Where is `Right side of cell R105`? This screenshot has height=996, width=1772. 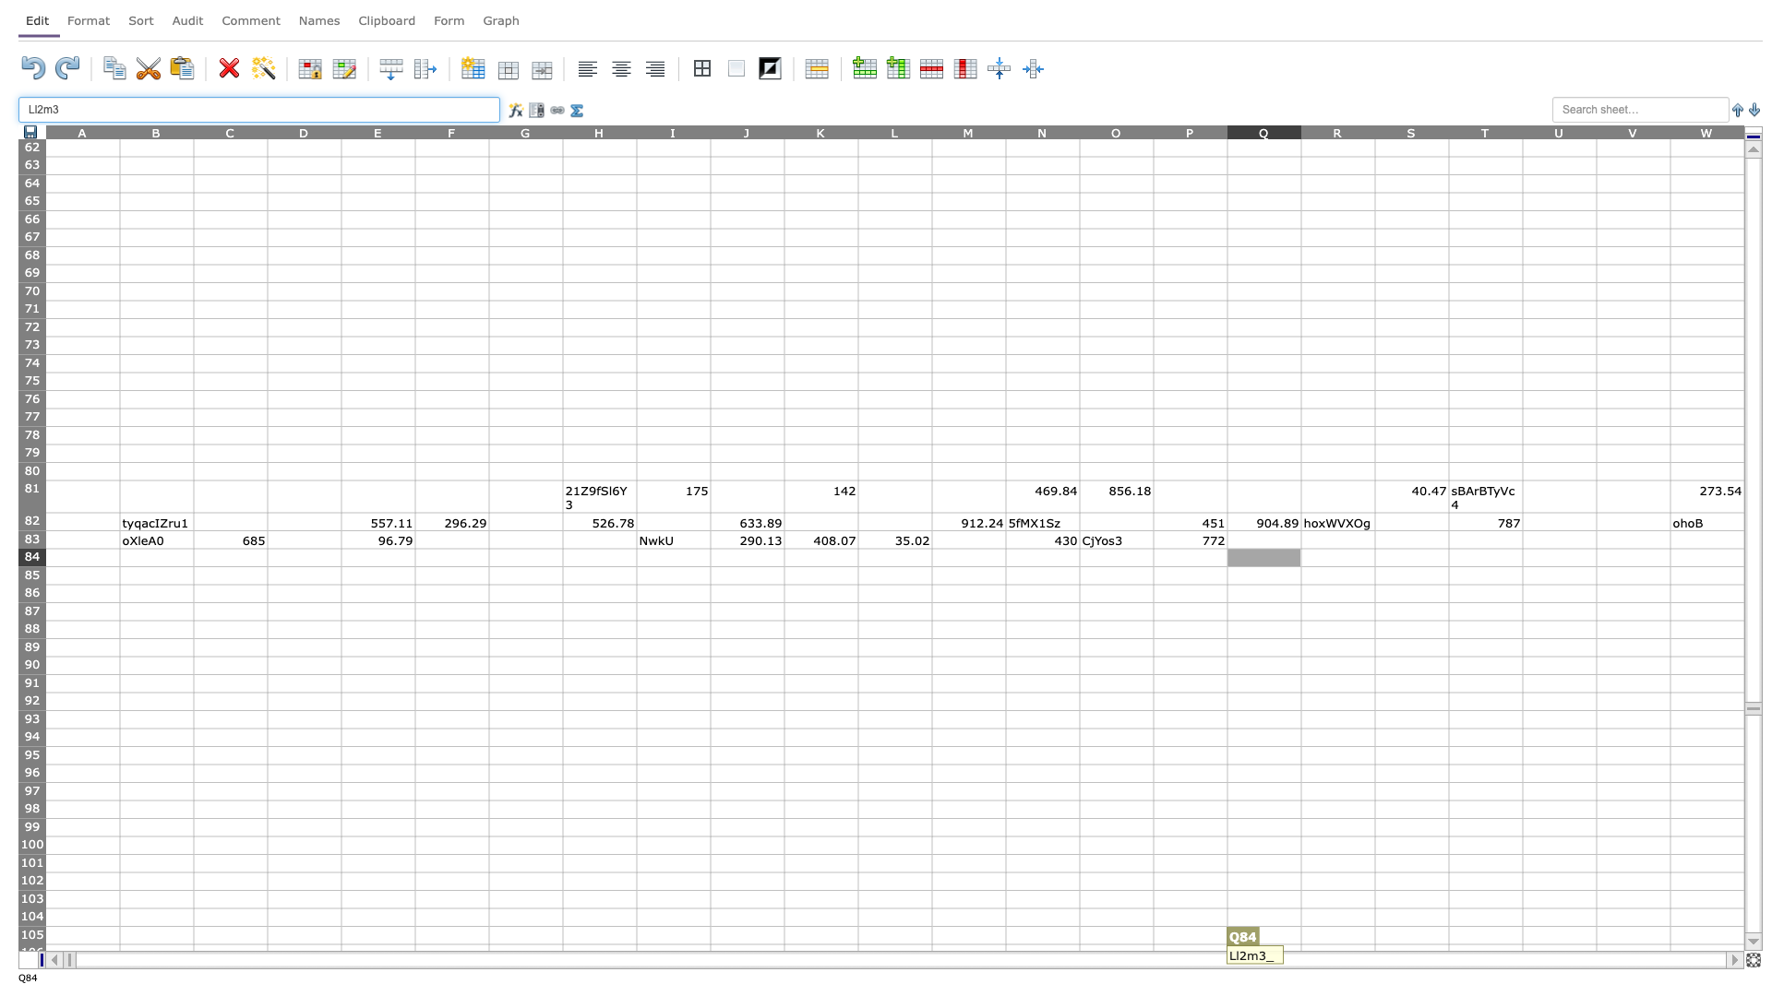
Right side of cell R105 is located at coordinates (1374, 935).